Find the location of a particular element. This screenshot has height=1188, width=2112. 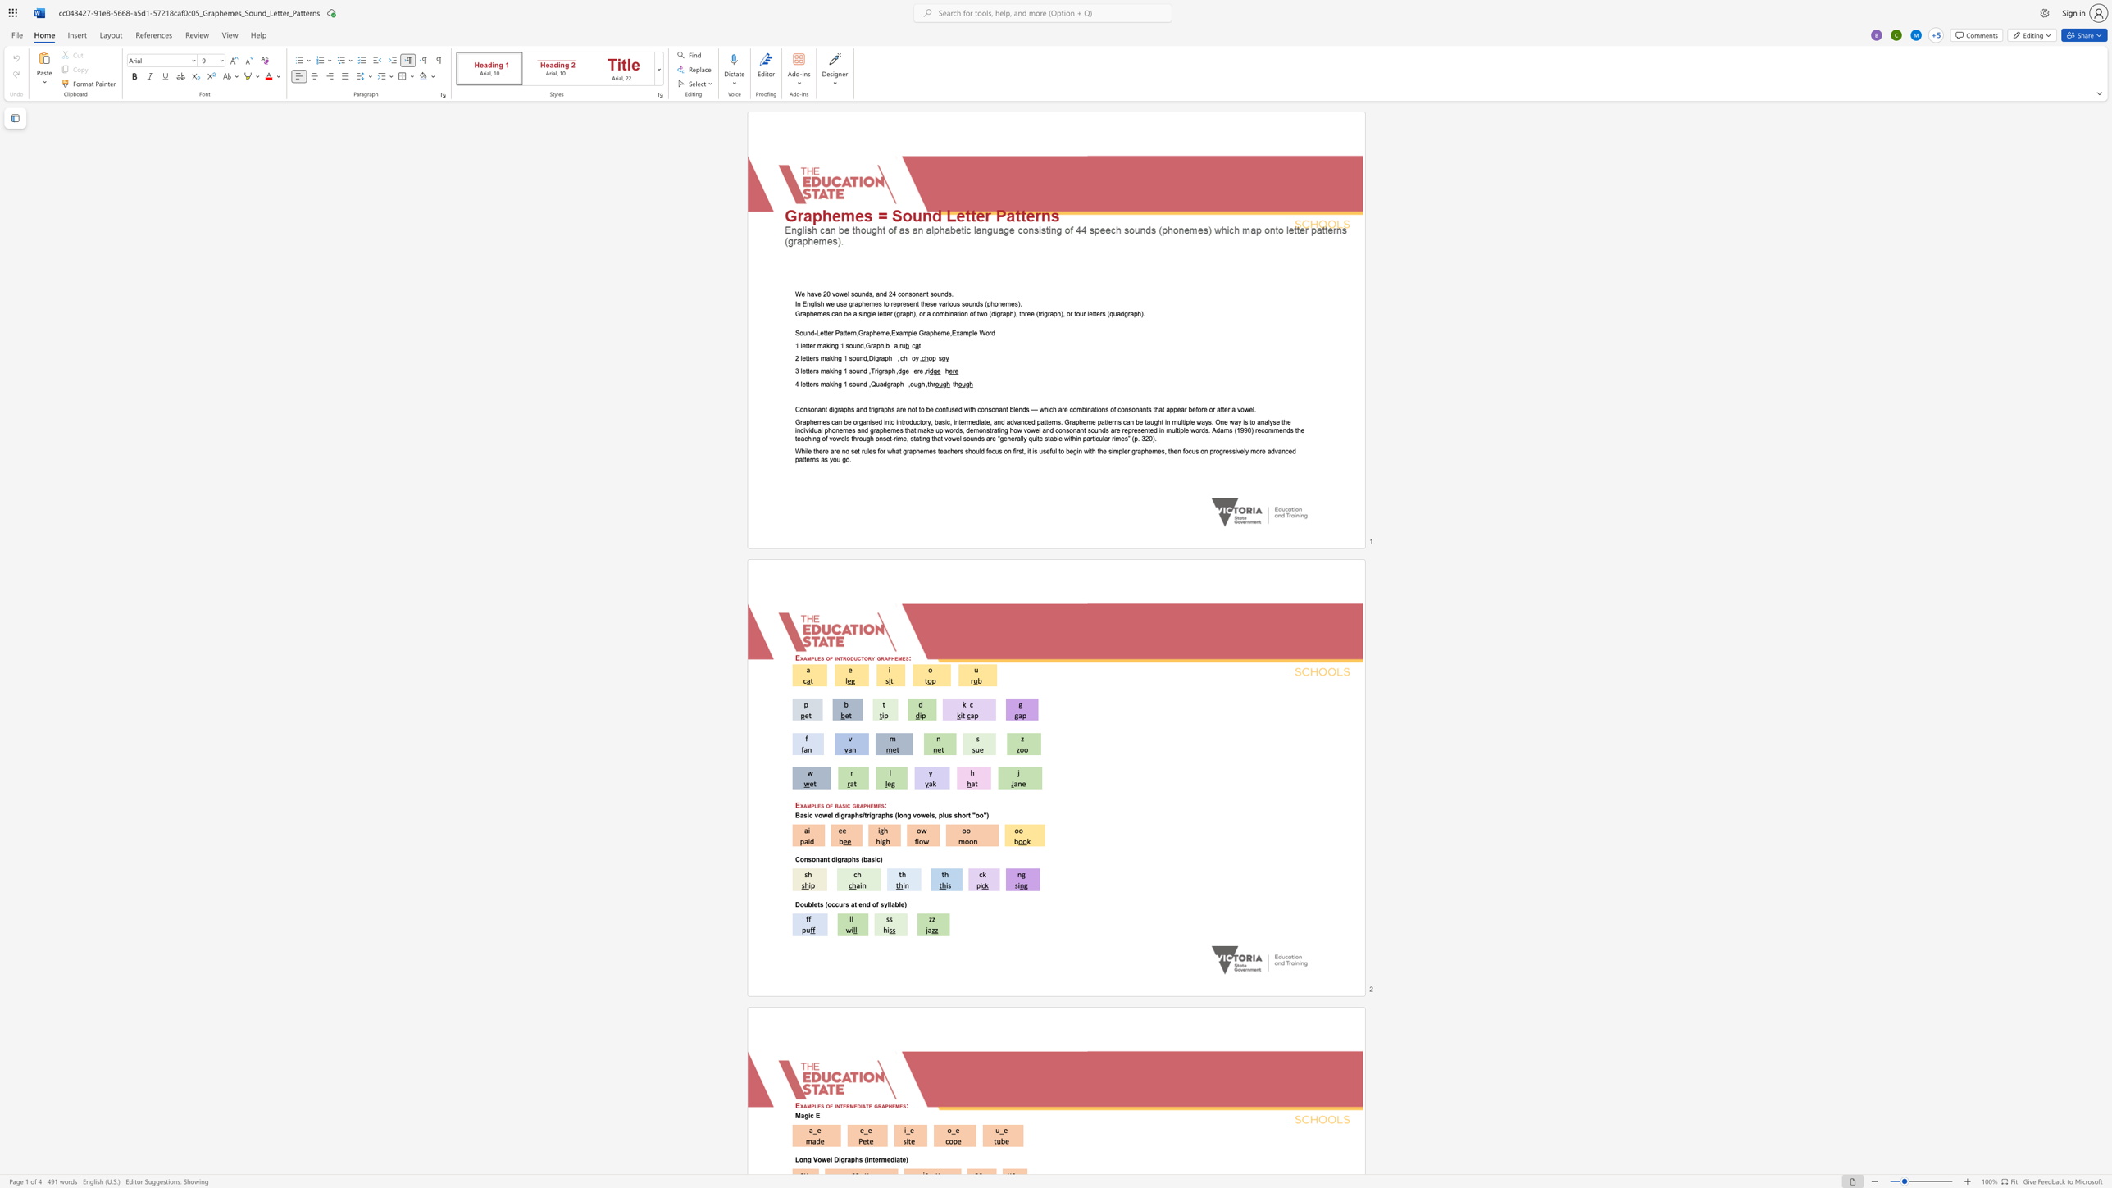

the 5th character "o" in the text is located at coordinates (935, 294).